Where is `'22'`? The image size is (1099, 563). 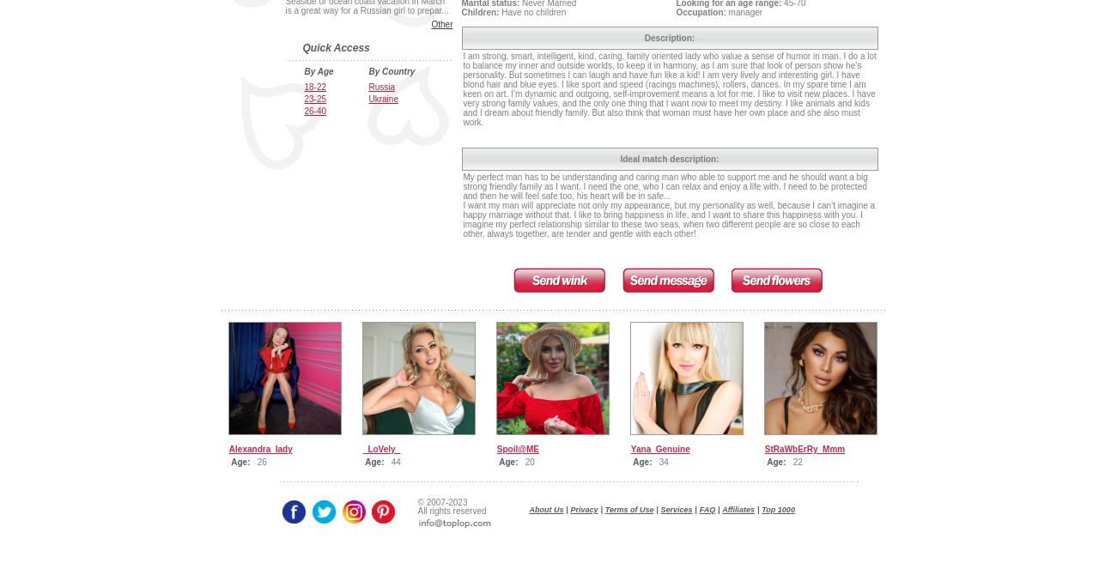
'22' is located at coordinates (796, 462).